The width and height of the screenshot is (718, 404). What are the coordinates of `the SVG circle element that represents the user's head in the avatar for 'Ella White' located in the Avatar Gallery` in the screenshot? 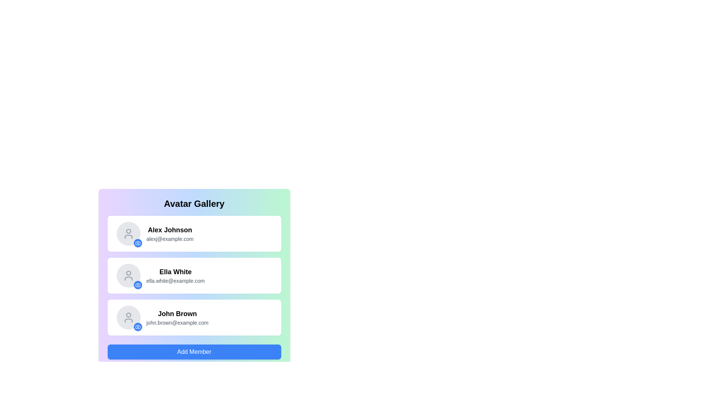 It's located at (128, 273).